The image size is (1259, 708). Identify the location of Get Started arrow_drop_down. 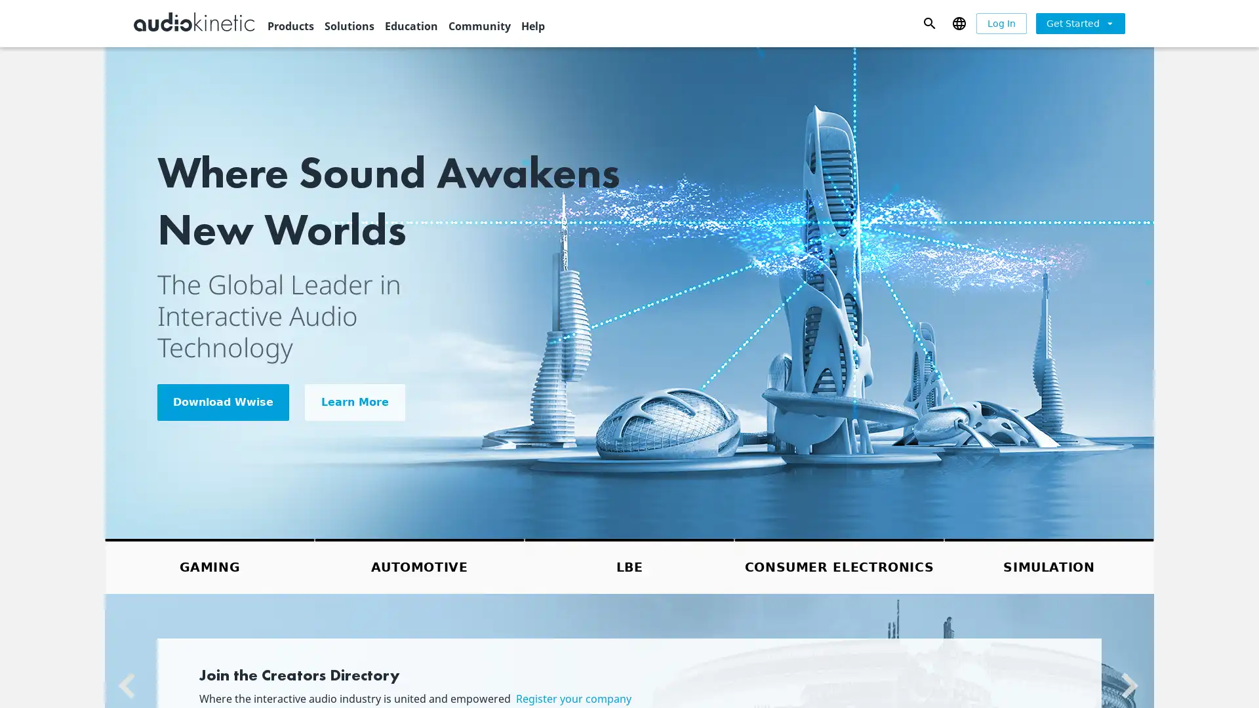
(1080, 23).